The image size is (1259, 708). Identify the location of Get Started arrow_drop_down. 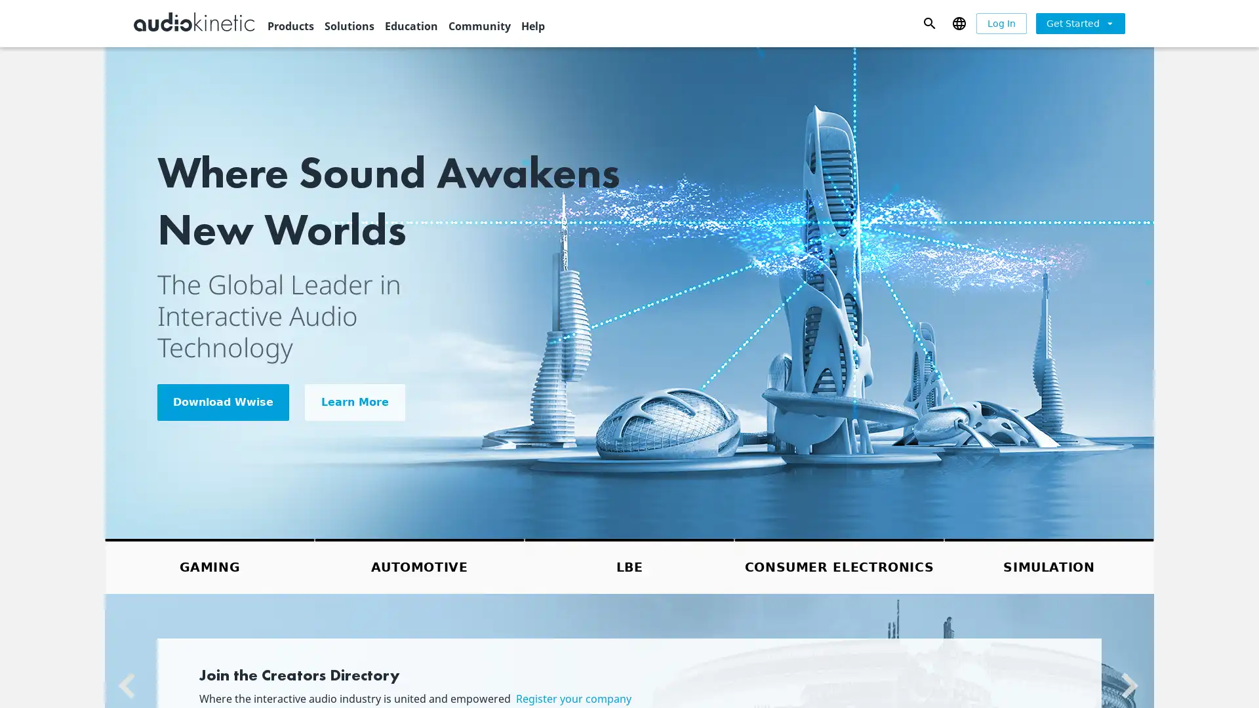
(1080, 23).